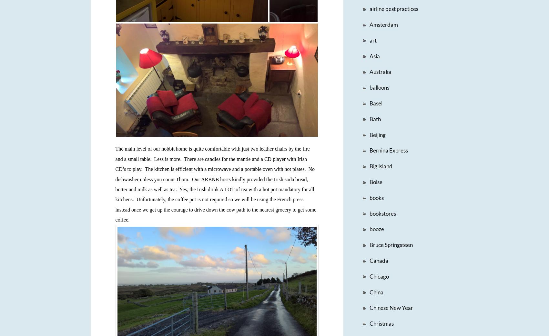 This screenshot has width=549, height=336. What do you see at coordinates (381, 323) in the screenshot?
I see `'Christmas'` at bounding box center [381, 323].